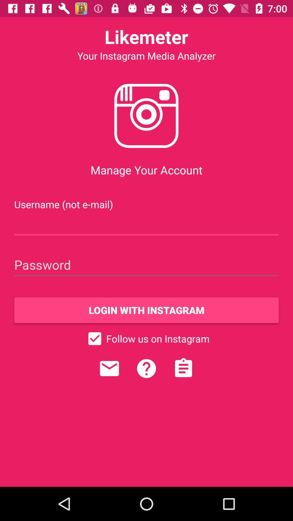 This screenshot has height=521, width=293. I want to click on insert user name, so click(146, 224).